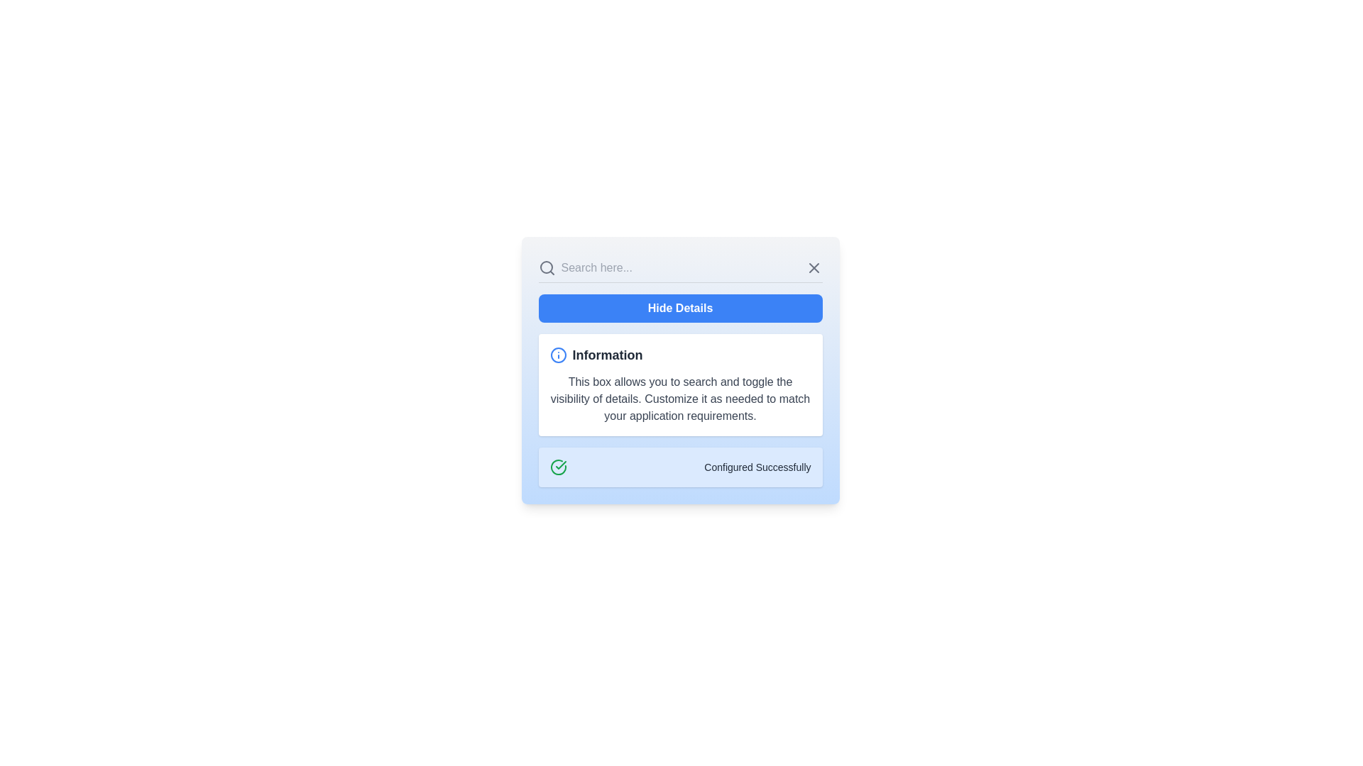  What do you see at coordinates (557, 355) in the screenshot?
I see `the circular blue outlined icon resembling an 'info' symbol, located adjacent to the 'Information' text` at bounding box center [557, 355].